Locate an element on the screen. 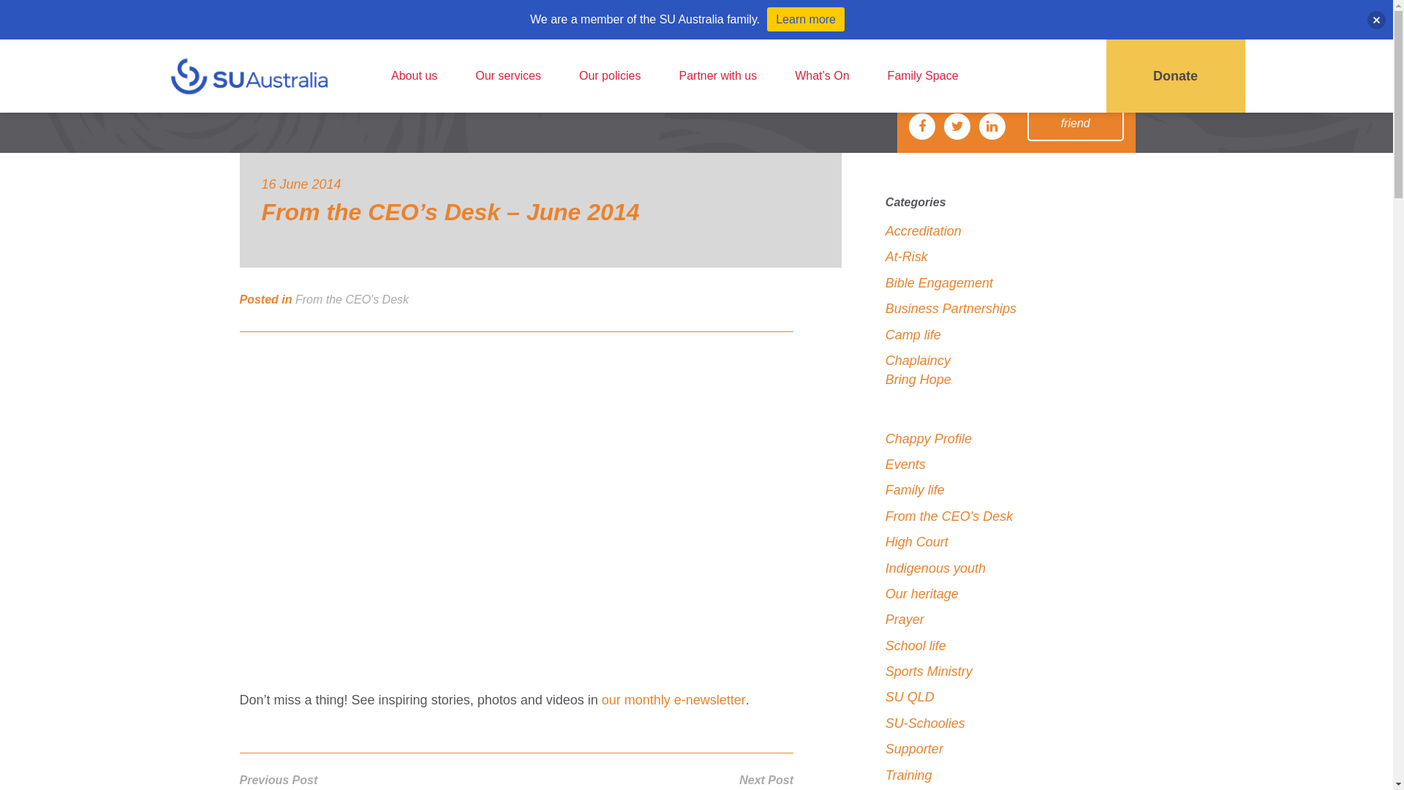  'Indigenous youth' is located at coordinates (935, 567).